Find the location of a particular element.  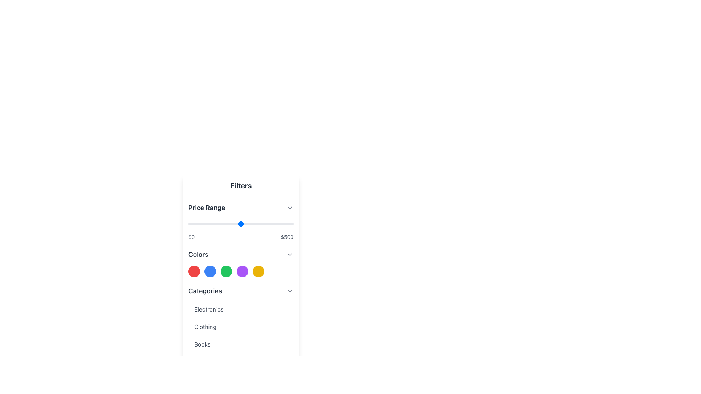

the 'Electronics' button in the Categories section of the sidebar is located at coordinates (241, 309).